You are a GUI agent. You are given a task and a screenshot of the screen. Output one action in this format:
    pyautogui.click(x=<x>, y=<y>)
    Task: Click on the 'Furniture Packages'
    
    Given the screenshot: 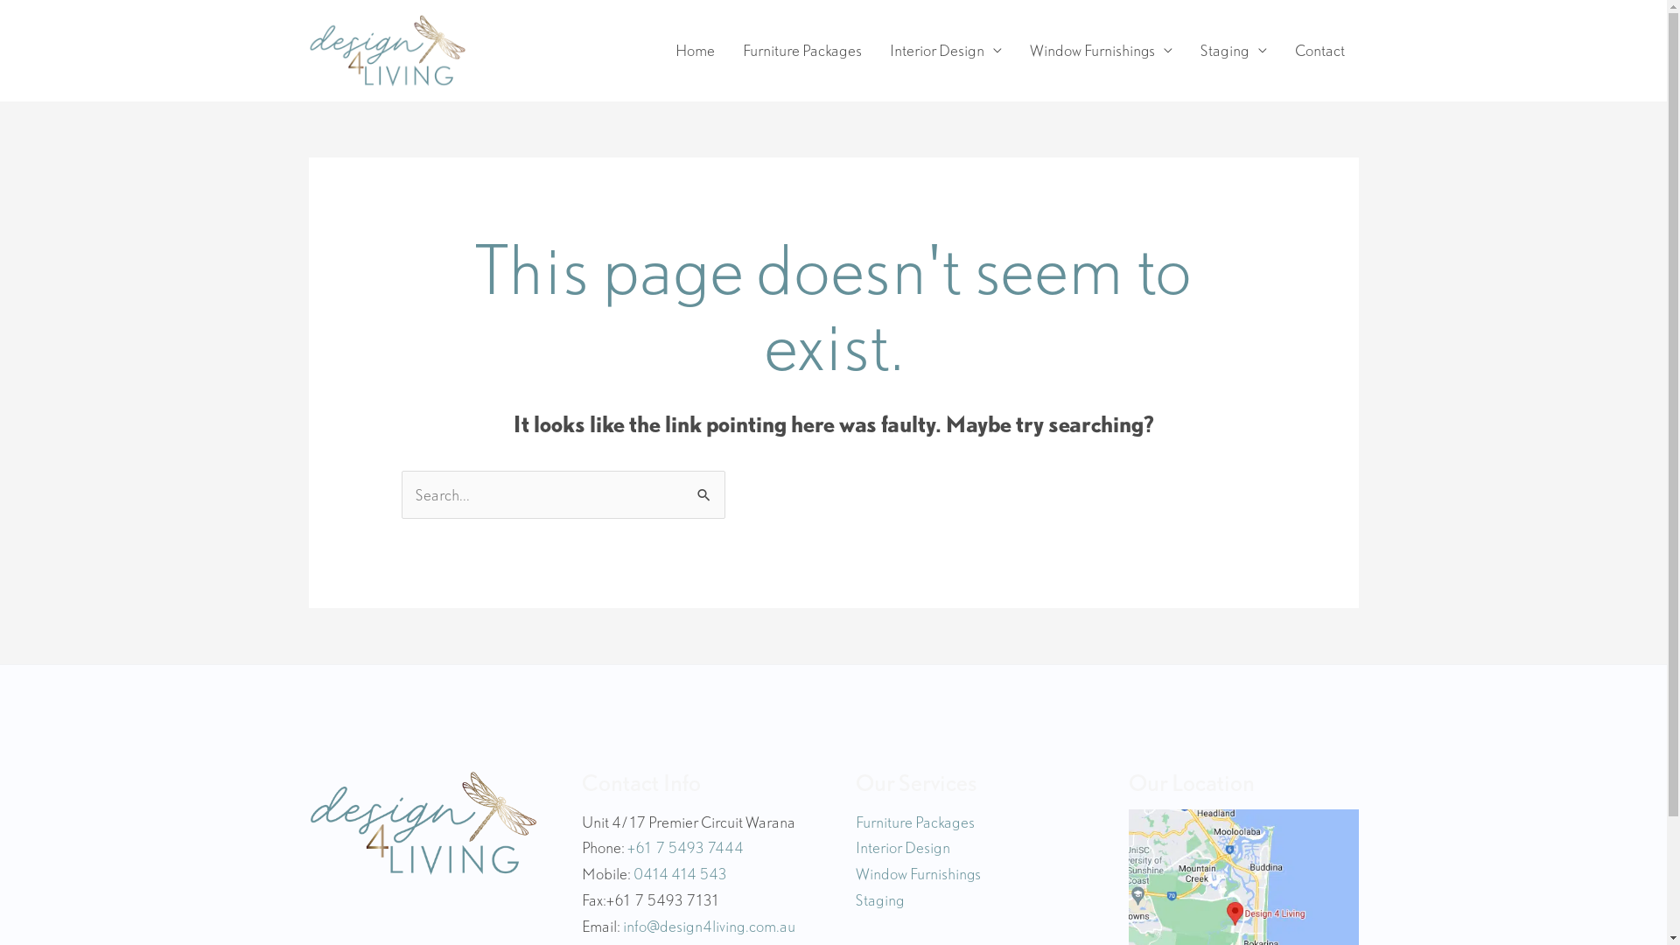 What is the action you would take?
    pyautogui.click(x=856, y=822)
    